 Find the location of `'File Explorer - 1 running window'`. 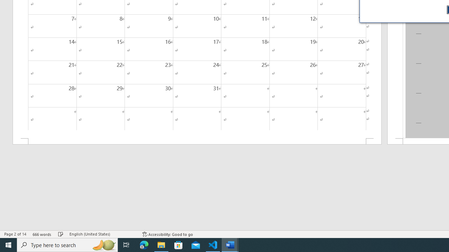

'File Explorer - 1 running window' is located at coordinates (161, 244).